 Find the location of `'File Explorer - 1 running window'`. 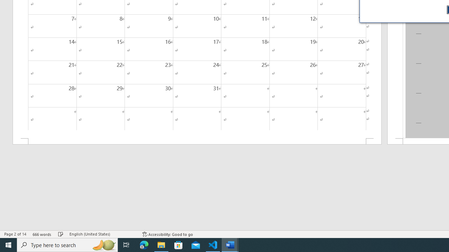

'File Explorer - 1 running window' is located at coordinates (161, 244).